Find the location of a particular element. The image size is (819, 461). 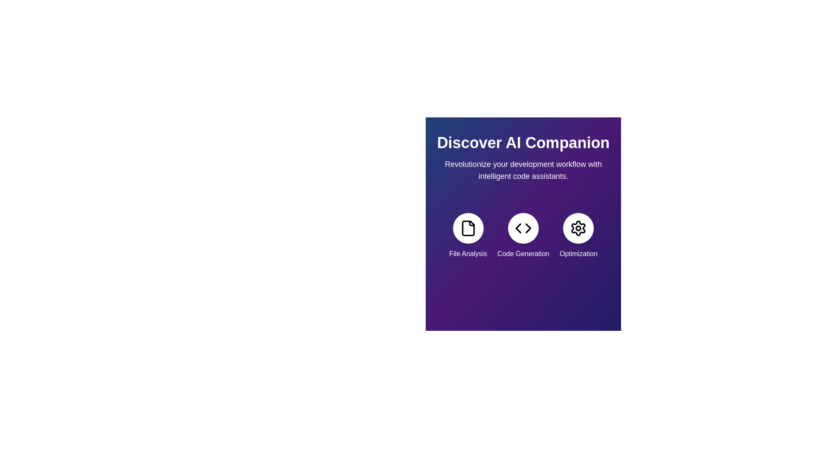

the small circular dot that is centered within the settings icon, which represents a part of the visual element for settings is located at coordinates (578, 228).